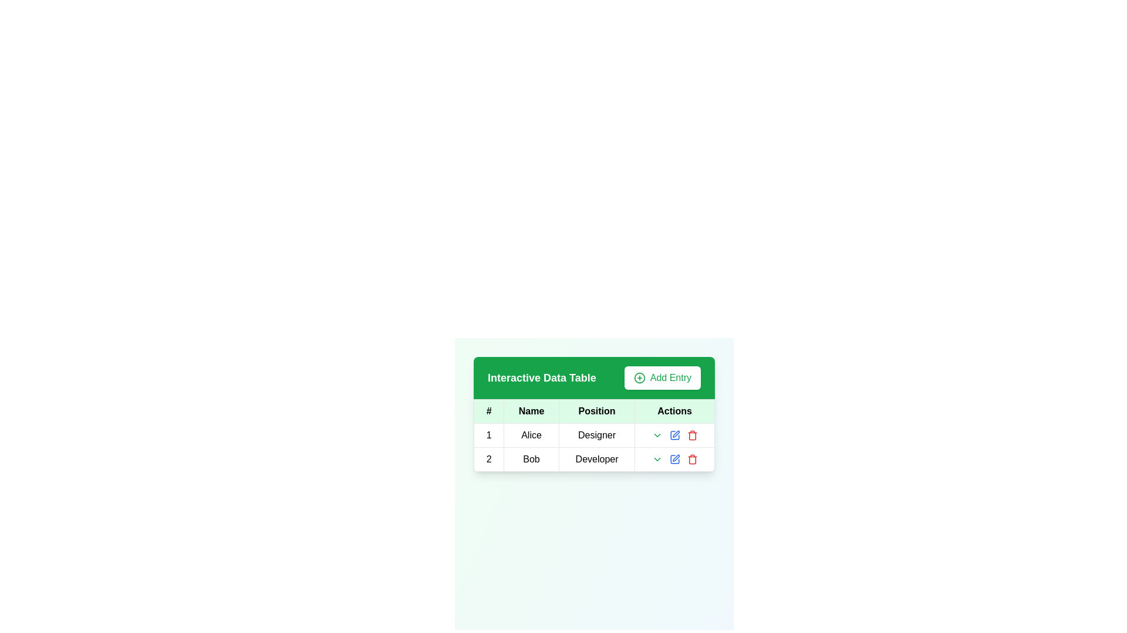 This screenshot has height=633, width=1127. I want to click on the static text element displaying the position title 'Designer' for the individual named 'Alice' in the first row of the table under the 'Position' column, so click(594, 435).